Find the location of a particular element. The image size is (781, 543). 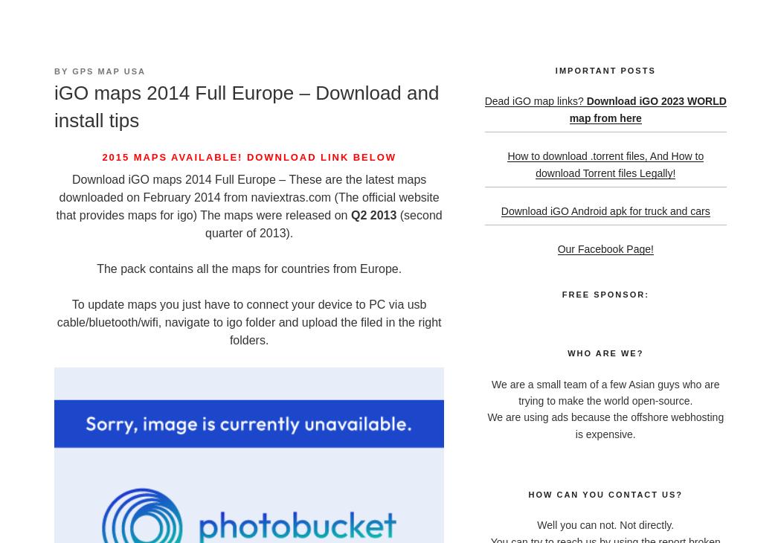

'To update maps you just have to connect your device to PC via usb cable/bluetooth/wifi, navigate to igo folder and upload the filed in the right folders.' is located at coordinates (248, 321).